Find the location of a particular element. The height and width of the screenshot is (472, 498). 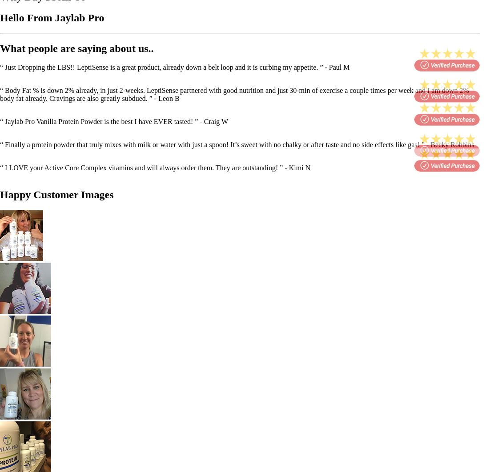

'Hello From Jaylab Pro' is located at coordinates (52, 18).